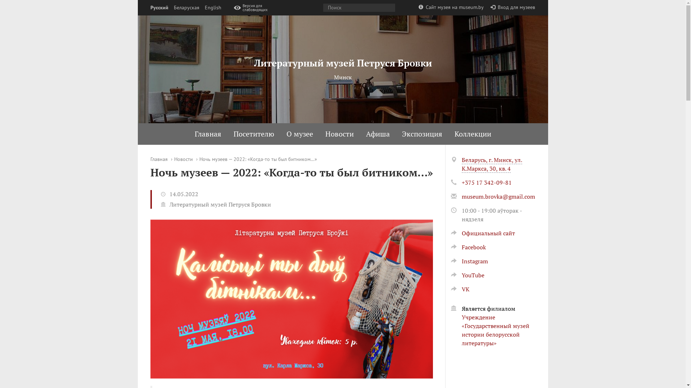 This screenshot has height=388, width=691. What do you see at coordinates (497, 197) in the screenshot?
I see `'museum.brovka@gmail.com'` at bounding box center [497, 197].